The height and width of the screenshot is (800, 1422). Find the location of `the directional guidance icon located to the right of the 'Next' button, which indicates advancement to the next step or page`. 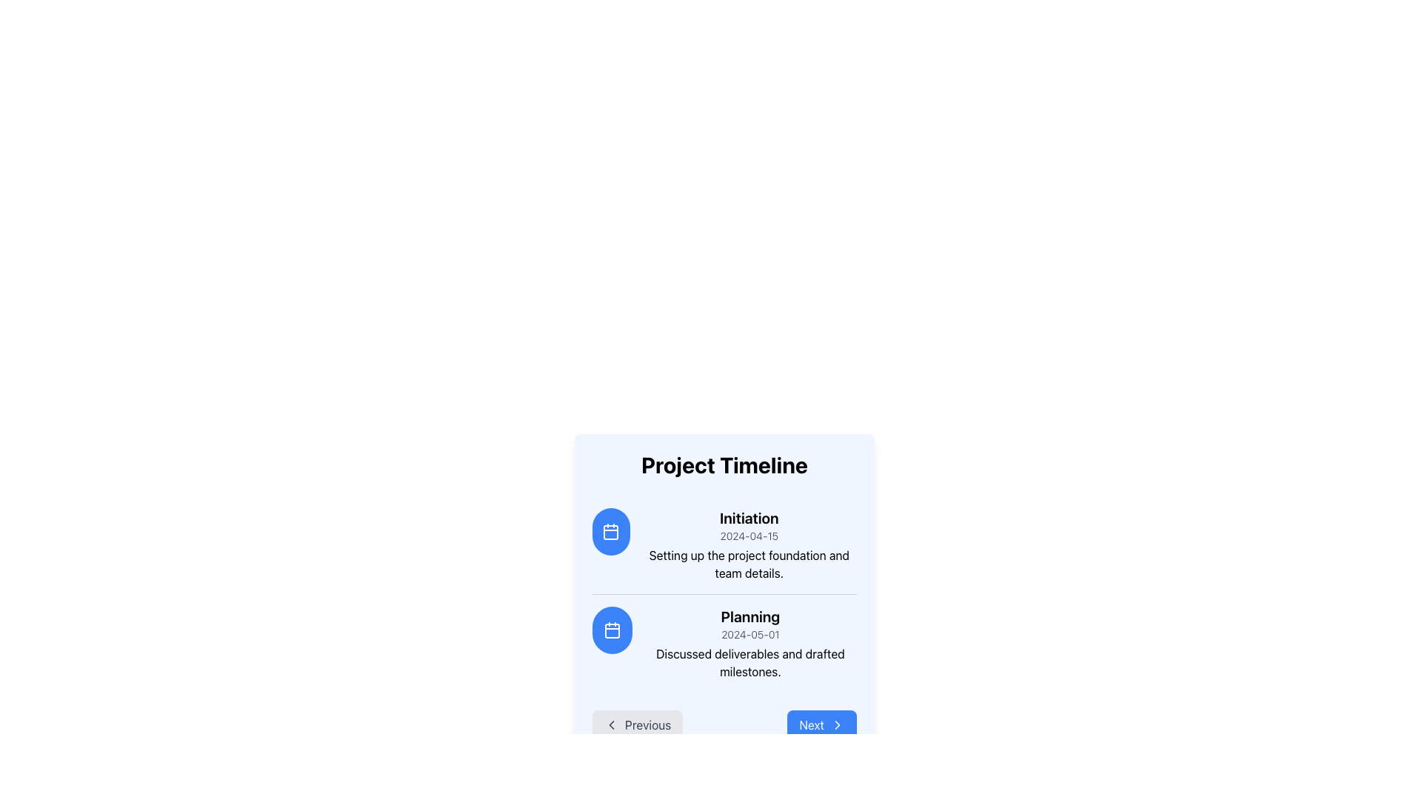

the directional guidance icon located to the right of the 'Next' button, which indicates advancement to the next step or page is located at coordinates (838, 724).